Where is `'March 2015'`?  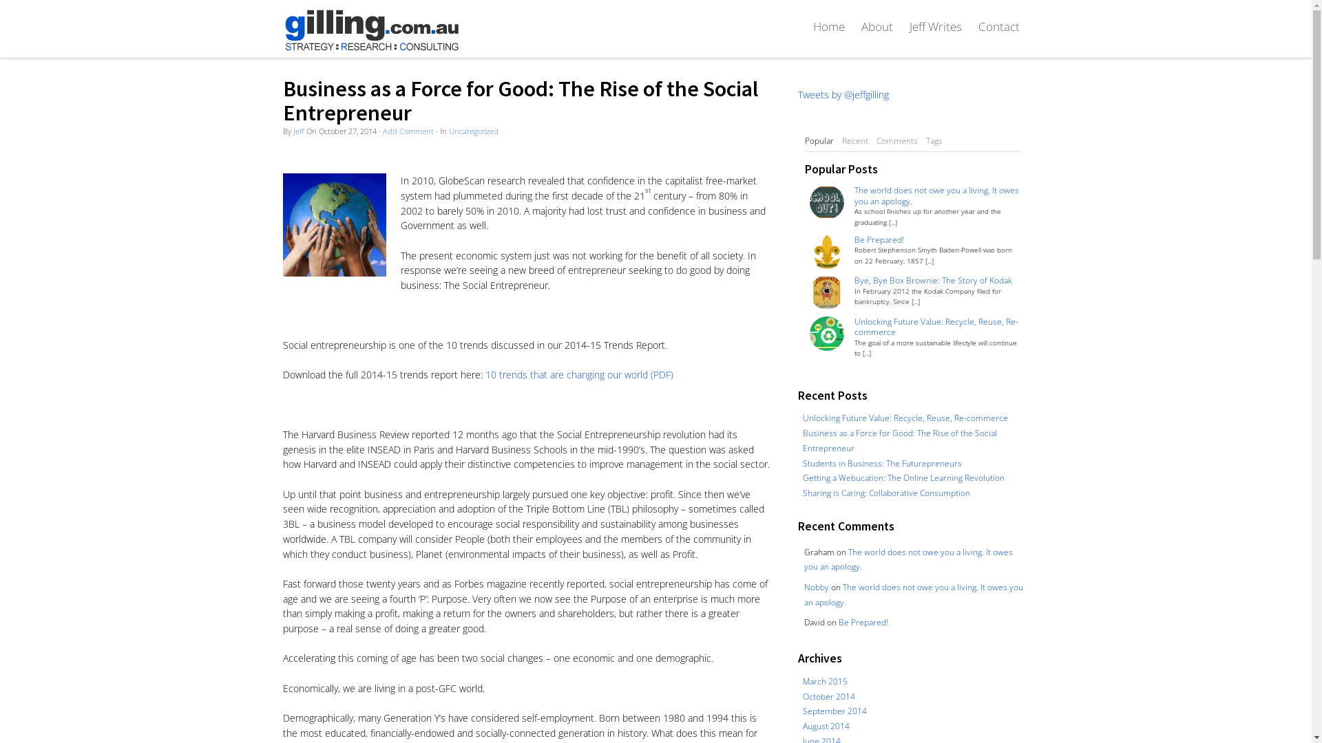 'March 2015' is located at coordinates (825, 681).